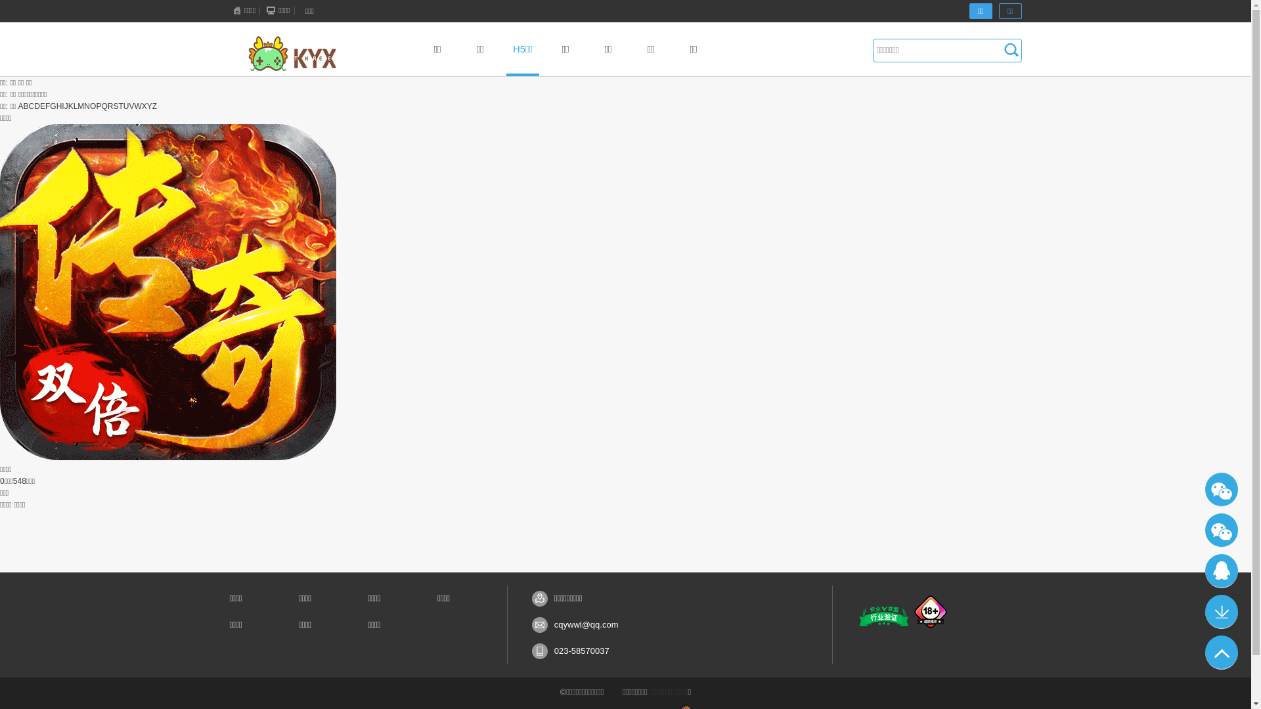  What do you see at coordinates (131, 106) in the screenshot?
I see `'V'` at bounding box center [131, 106].